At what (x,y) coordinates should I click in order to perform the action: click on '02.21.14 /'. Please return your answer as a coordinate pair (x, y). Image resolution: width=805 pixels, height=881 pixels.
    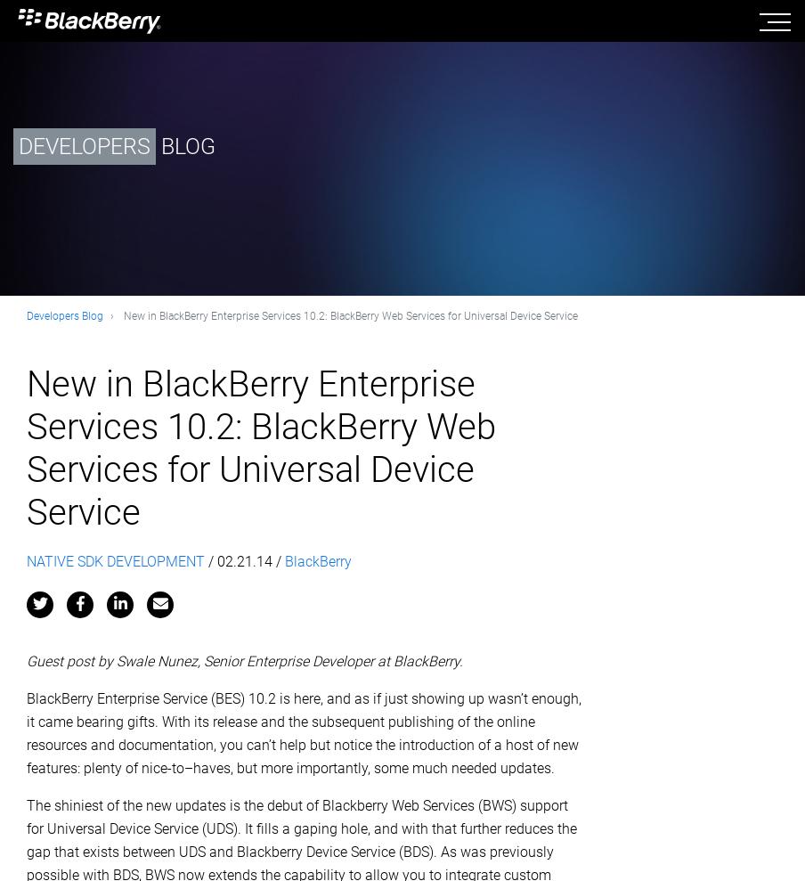
    Looking at the image, I should click on (249, 560).